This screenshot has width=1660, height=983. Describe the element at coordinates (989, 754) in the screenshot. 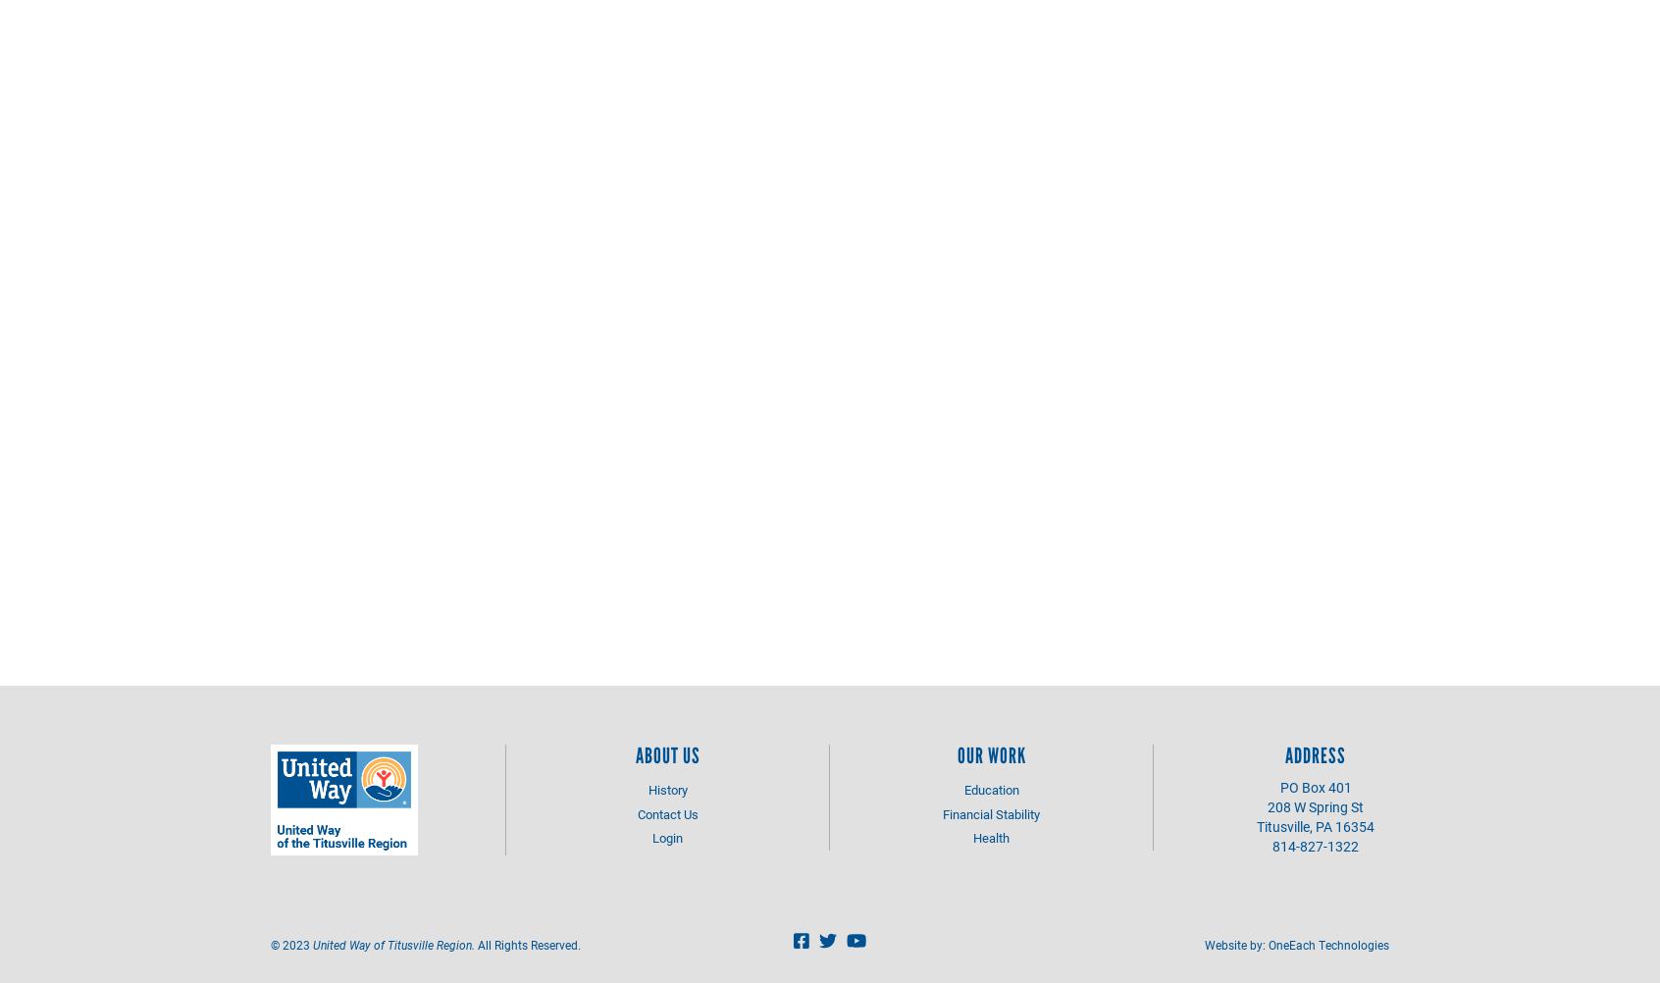

I see `'Our Work'` at that location.